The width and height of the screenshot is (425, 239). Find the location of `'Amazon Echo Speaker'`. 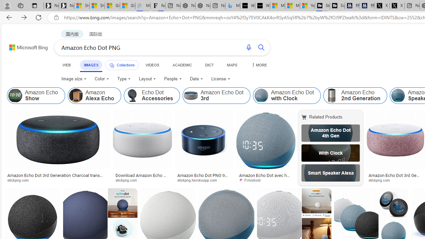

'Amazon Echo Speaker' is located at coordinates (398, 96).